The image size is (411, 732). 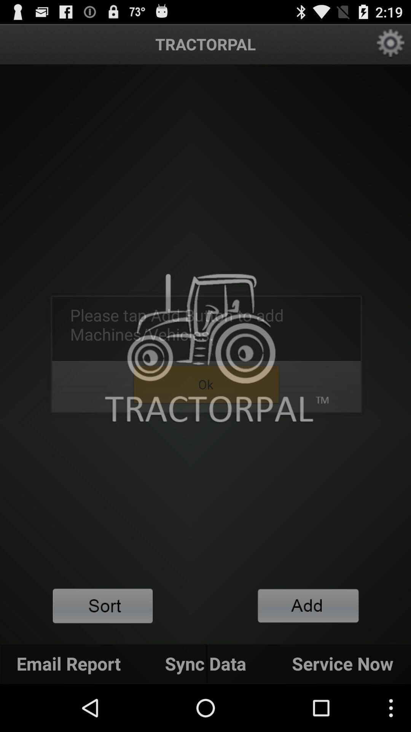 I want to click on content filter, so click(x=103, y=605).